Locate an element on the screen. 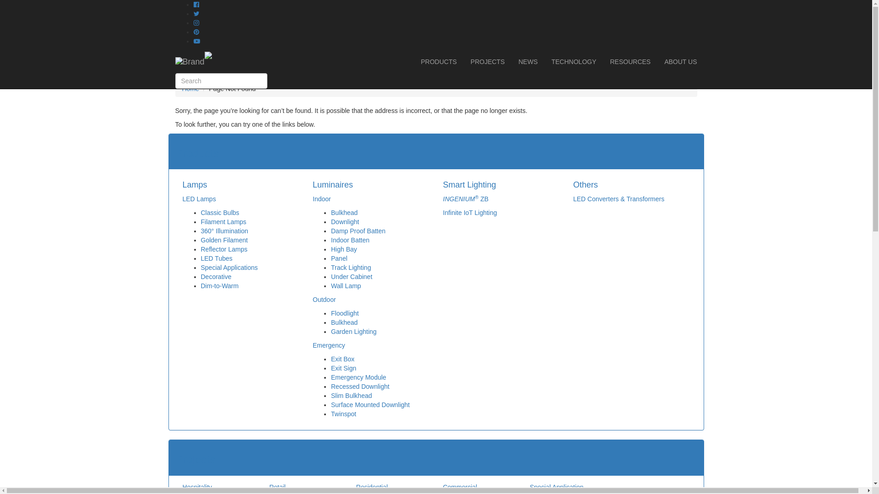 The height and width of the screenshot is (494, 879). 'Indoor Batten' is located at coordinates (349, 239).